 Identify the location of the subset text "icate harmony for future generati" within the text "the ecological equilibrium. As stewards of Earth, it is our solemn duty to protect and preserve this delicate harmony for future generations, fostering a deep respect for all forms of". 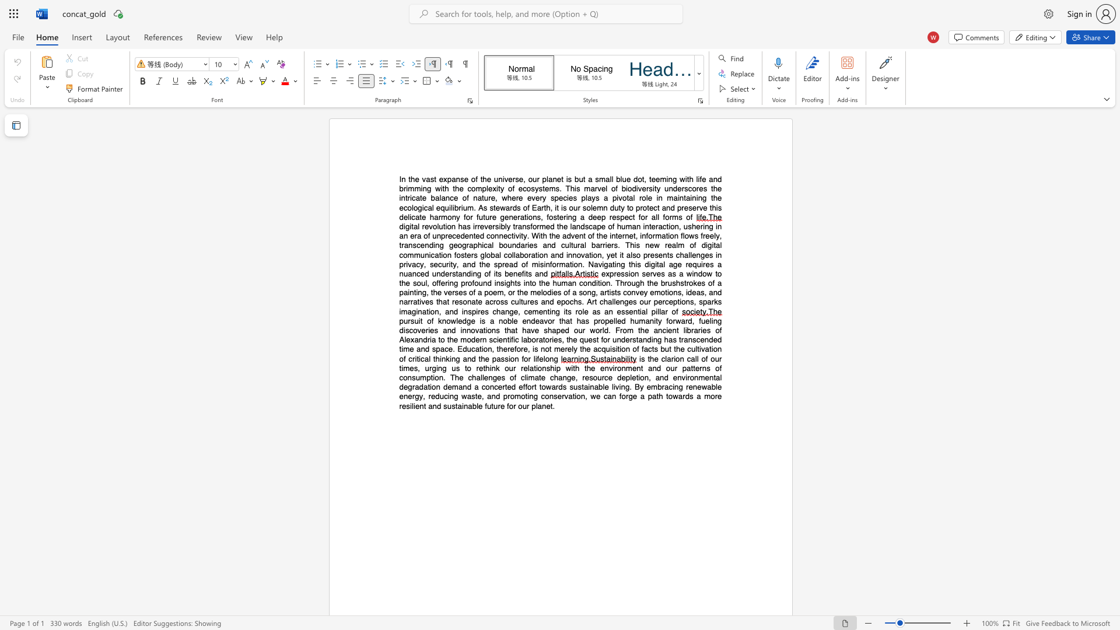
(409, 217).